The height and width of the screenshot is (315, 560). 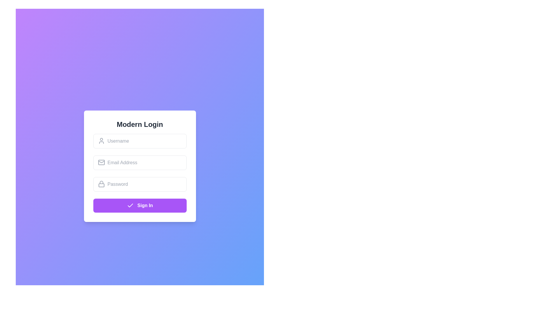 What do you see at coordinates (101, 162) in the screenshot?
I see `the decorative icon located at the upper-left corner of the email input field, which signifies that the input field is for an email address` at bounding box center [101, 162].